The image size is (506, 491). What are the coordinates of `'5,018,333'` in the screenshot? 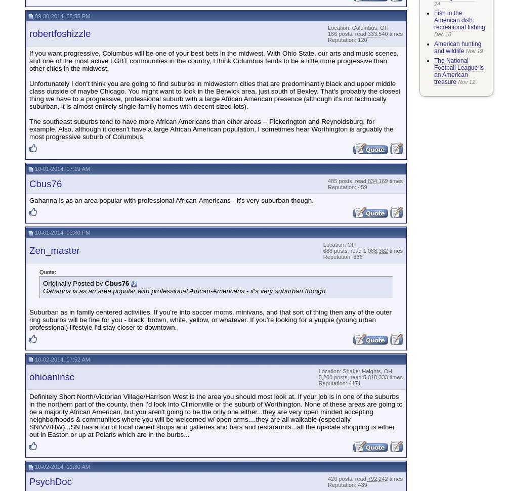 It's located at (374, 377).